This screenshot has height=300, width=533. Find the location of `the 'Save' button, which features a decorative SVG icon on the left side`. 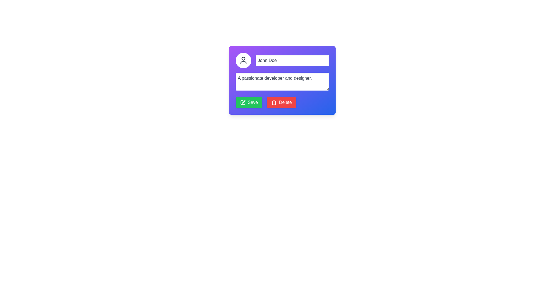

the 'Save' button, which features a decorative SVG icon on the left side is located at coordinates (243, 102).